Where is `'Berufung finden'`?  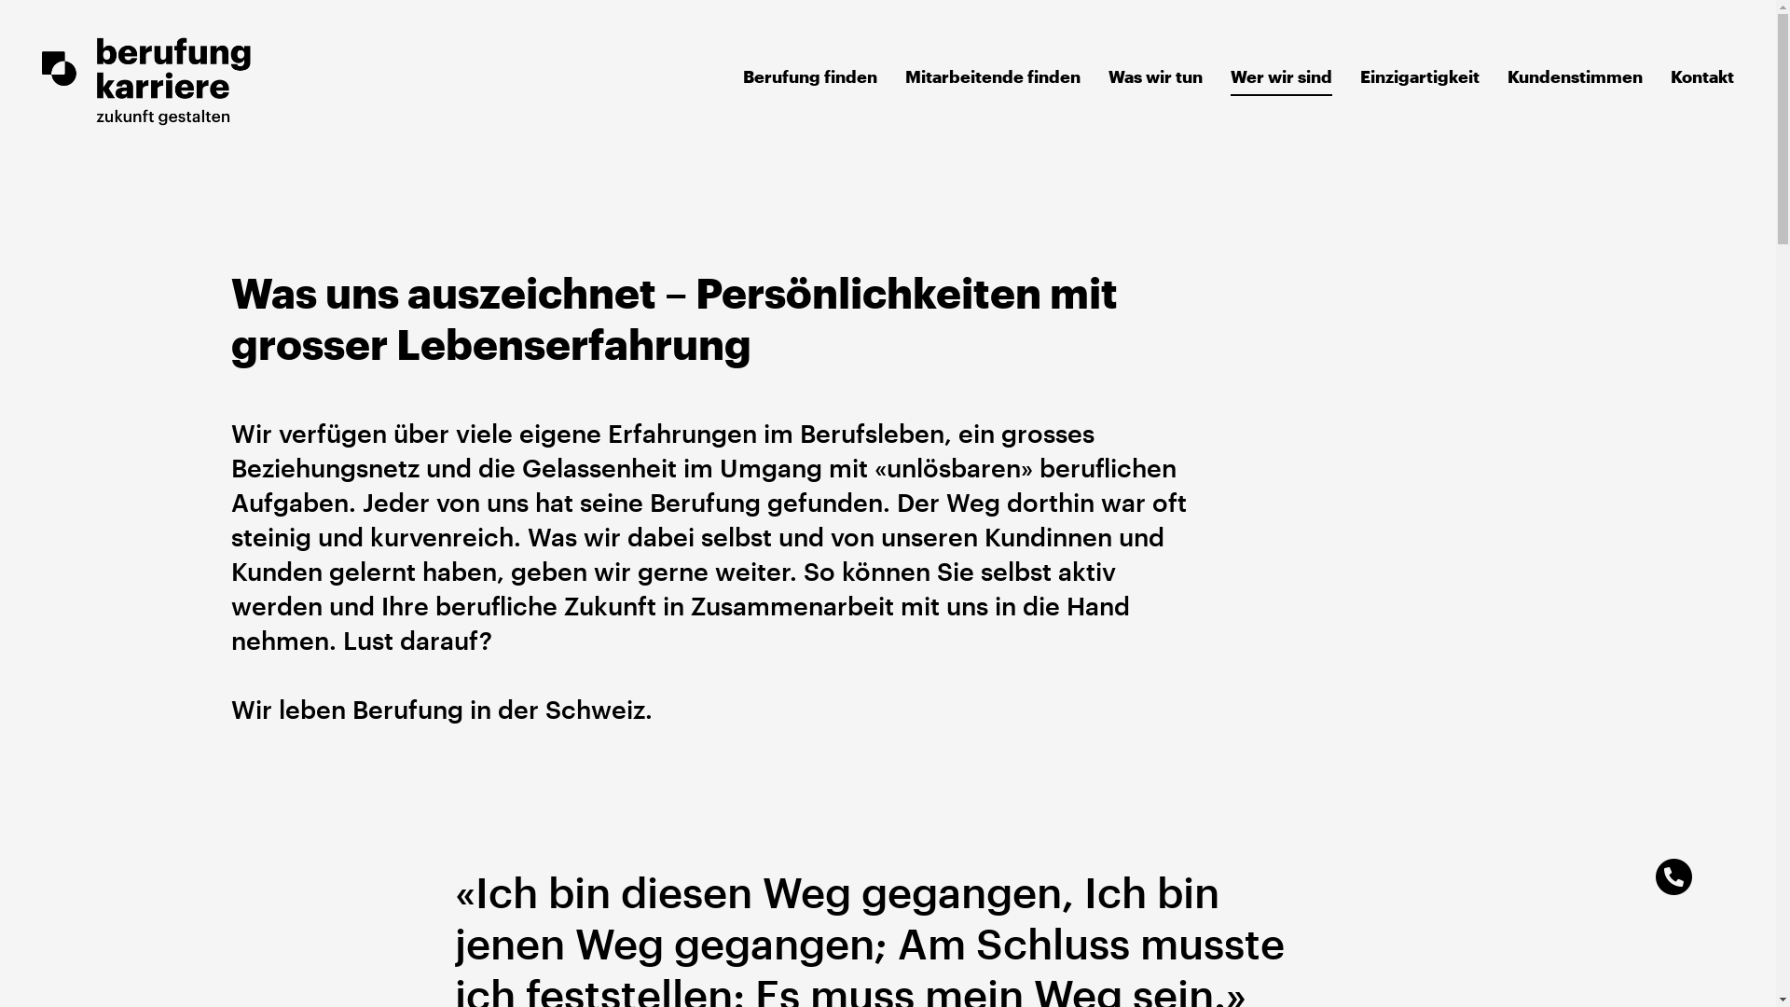 'Berufung finden' is located at coordinates (809, 76).